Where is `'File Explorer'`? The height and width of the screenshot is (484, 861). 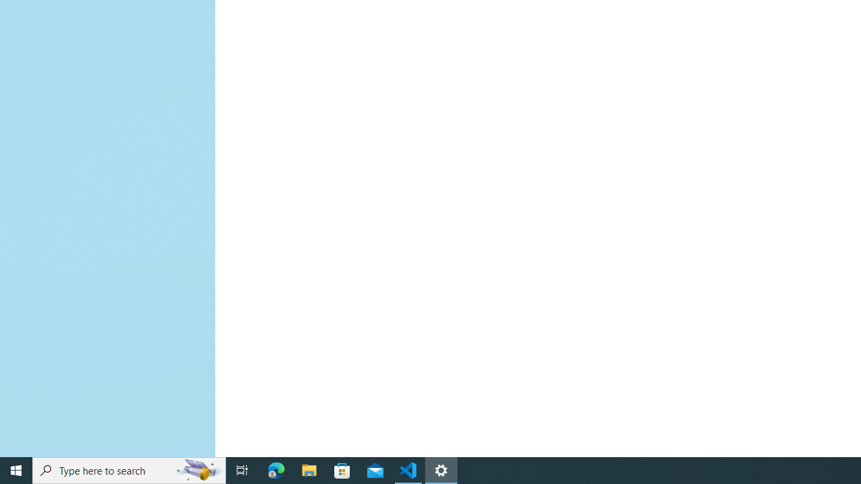 'File Explorer' is located at coordinates (309, 469).